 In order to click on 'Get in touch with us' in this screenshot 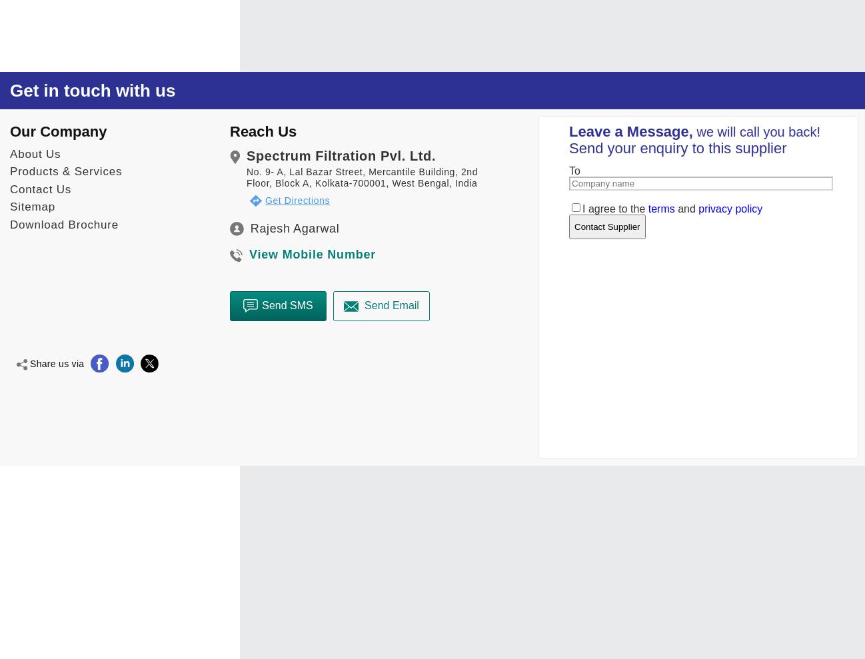, I will do `click(92, 89)`.